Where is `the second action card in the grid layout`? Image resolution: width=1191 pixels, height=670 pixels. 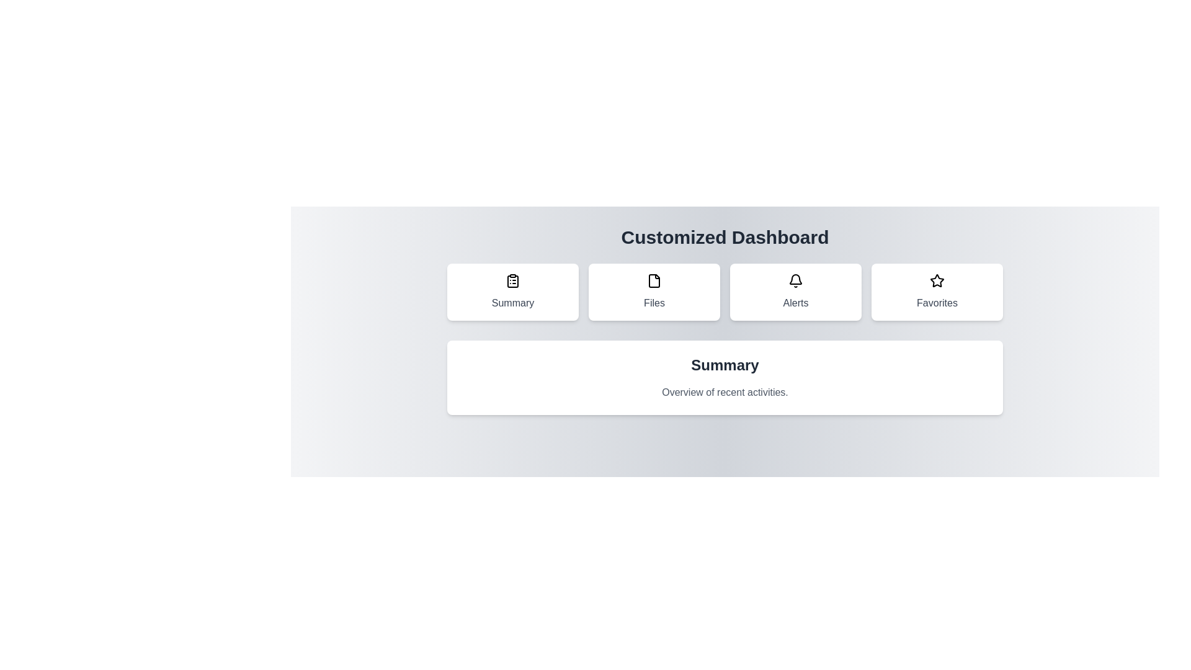 the second action card in the grid layout is located at coordinates (654, 292).